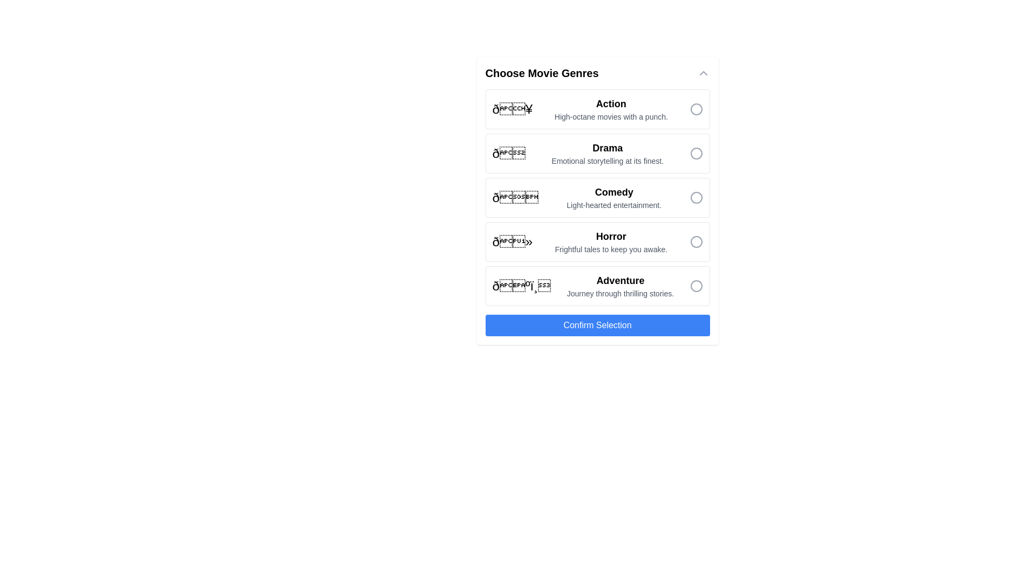 The width and height of the screenshot is (1036, 582). Describe the element at coordinates (696, 241) in the screenshot. I see `the circular checkbox located to the right of the 'Horror' label` at that location.